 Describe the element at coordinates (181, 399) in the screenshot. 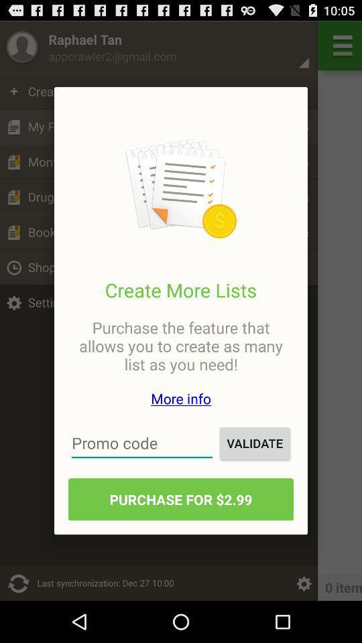

I see `more info item` at that location.